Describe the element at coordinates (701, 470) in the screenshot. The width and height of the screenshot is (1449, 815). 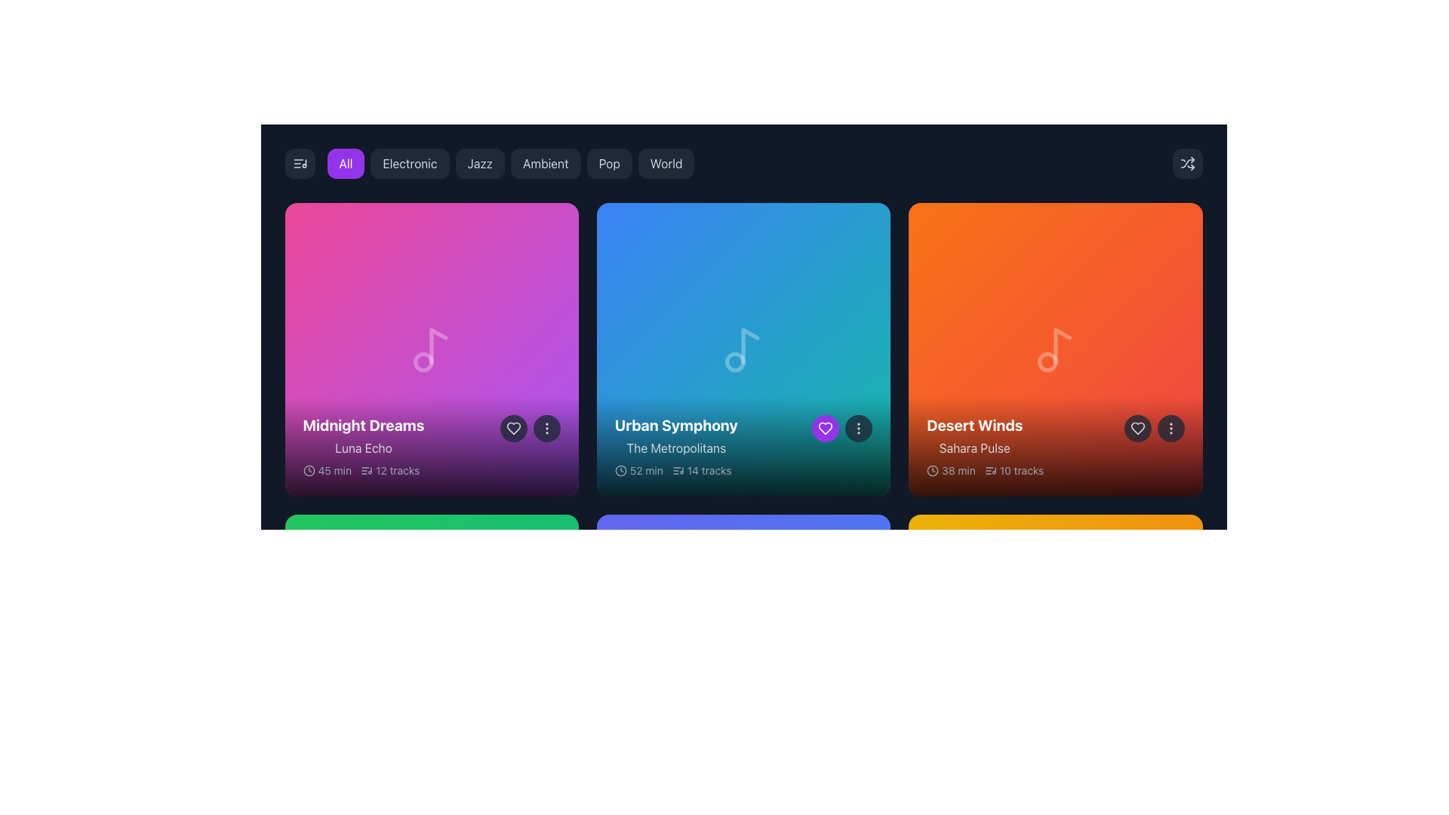
I see `text from the Text Label with Icon that displays '14 tracks' on a dark teal background at the bottom of the 'Urban Symphony' playlist card` at that location.